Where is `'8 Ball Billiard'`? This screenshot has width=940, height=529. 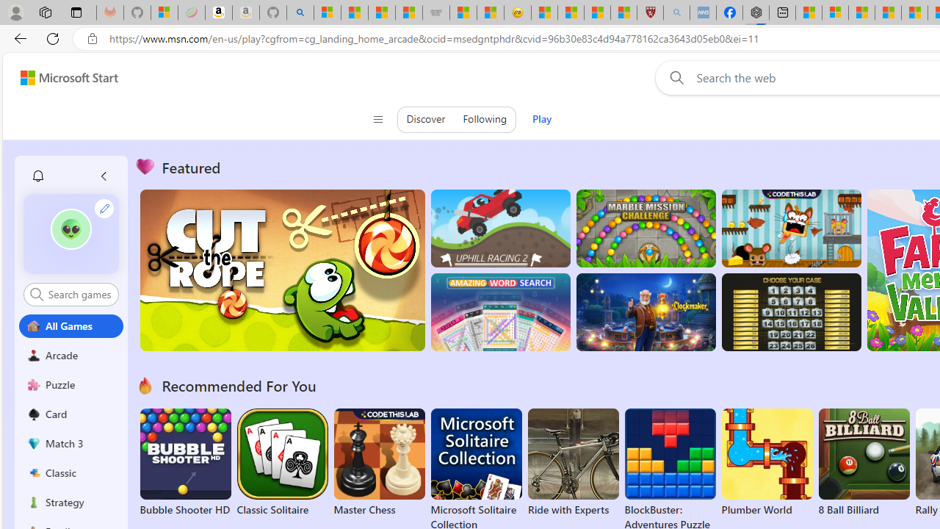 '8 Ball Billiard' is located at coordinates (864, 463).